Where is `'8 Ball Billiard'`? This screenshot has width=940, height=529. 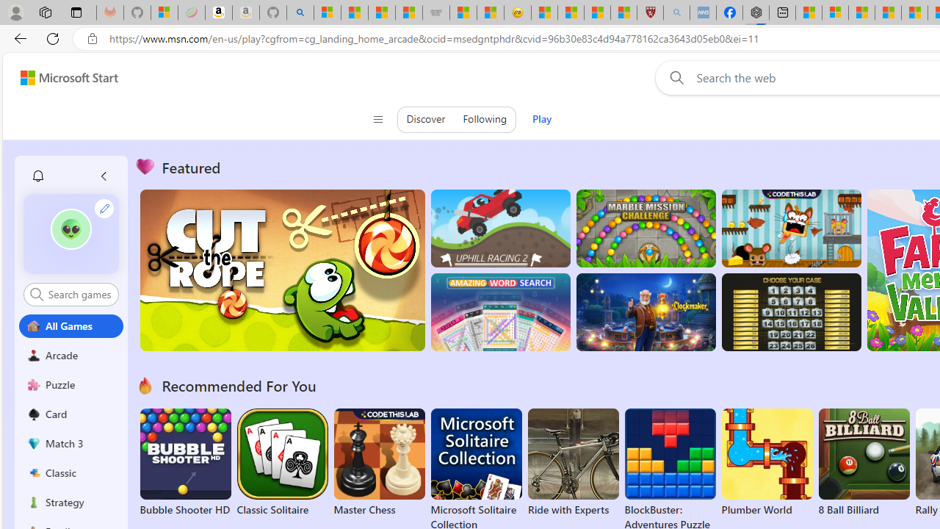 '8 Ball Billiard' is located at coordinates (864, 463).